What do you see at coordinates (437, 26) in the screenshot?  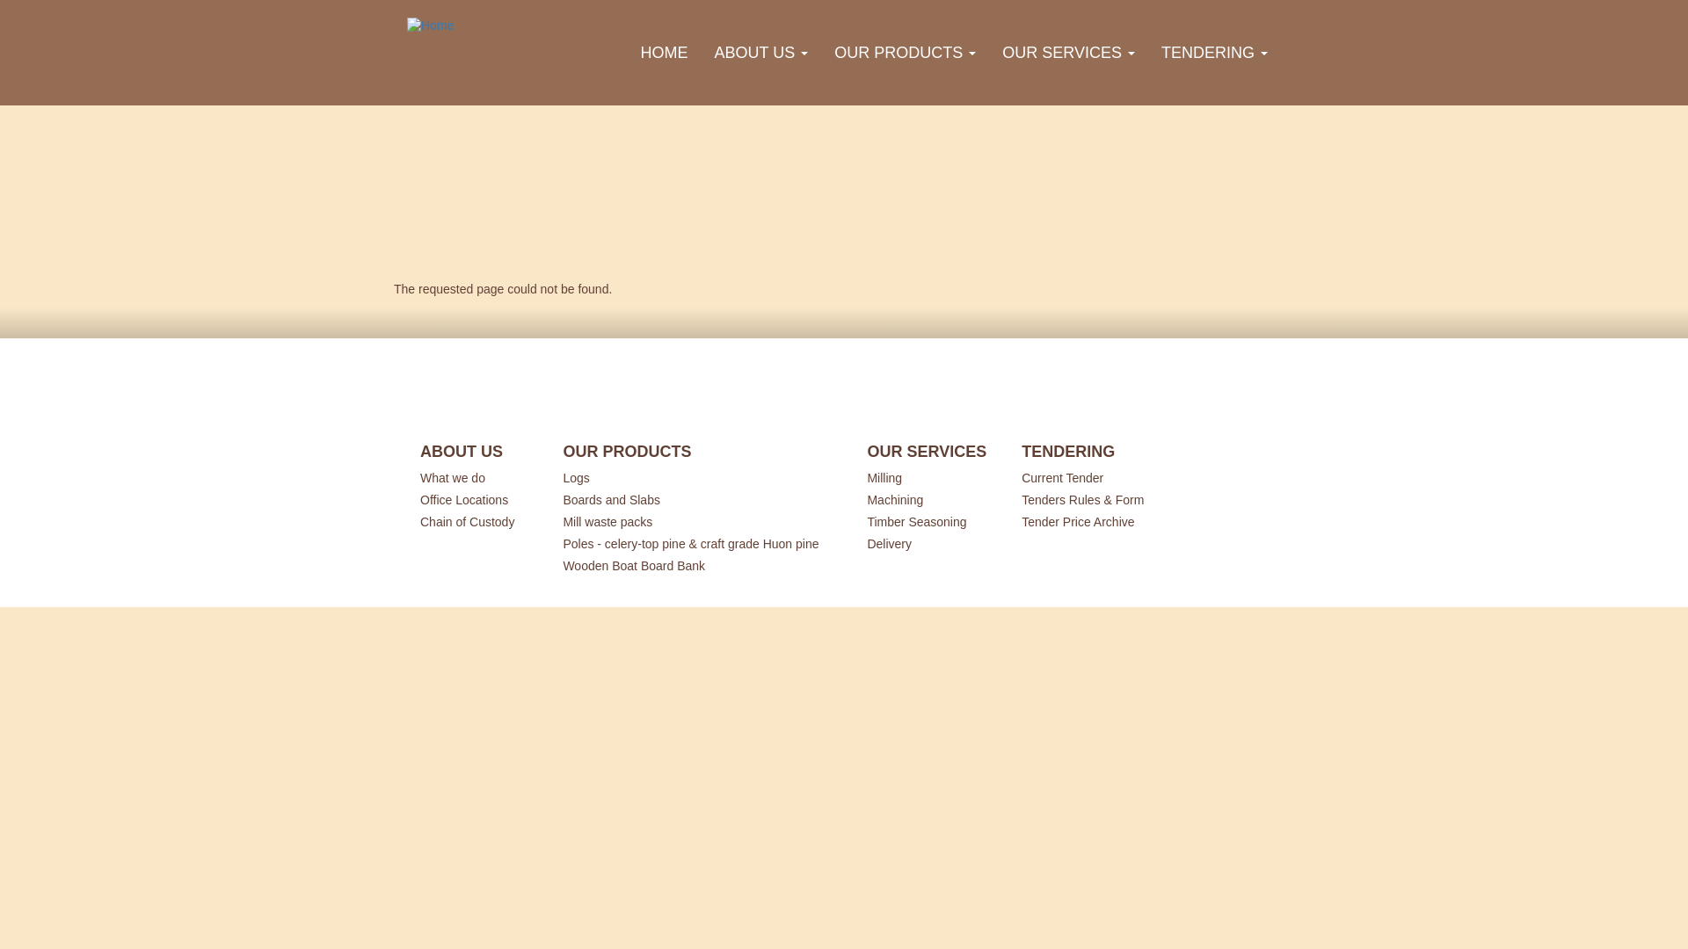 I see `'Home'` at bounding box center [437, 26].